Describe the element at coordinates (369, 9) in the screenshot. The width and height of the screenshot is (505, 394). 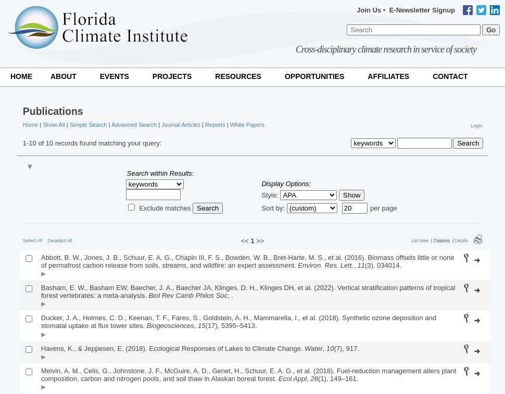
I see `'Join Us'` at that location.